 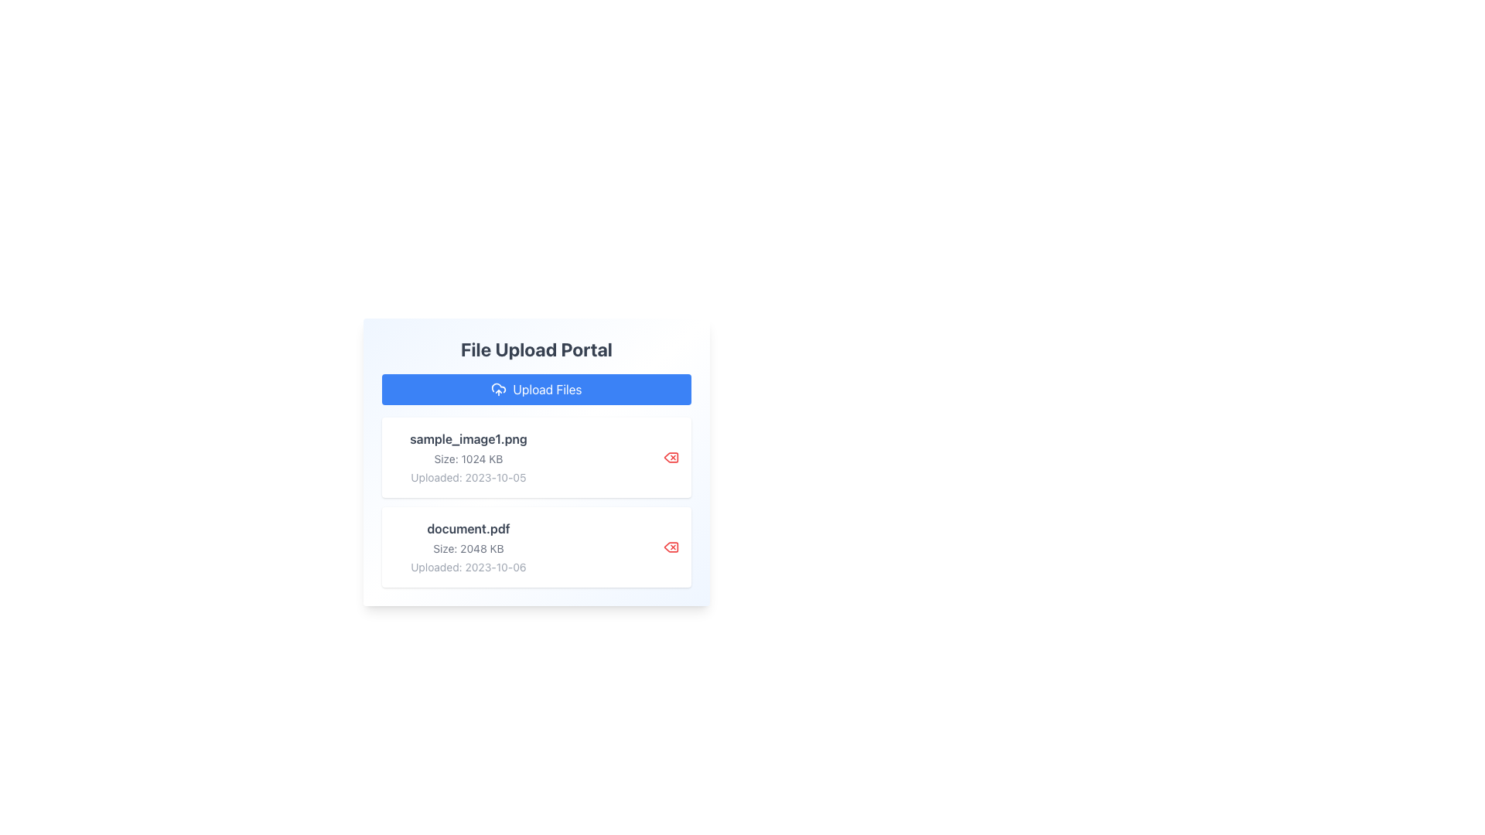 I want to click on information displayed in the static text element that shows 'Uploaded: 2023-10-06', which is styled with a small gray font and located at the bottom of the file information group, so click(x=467, y=567).